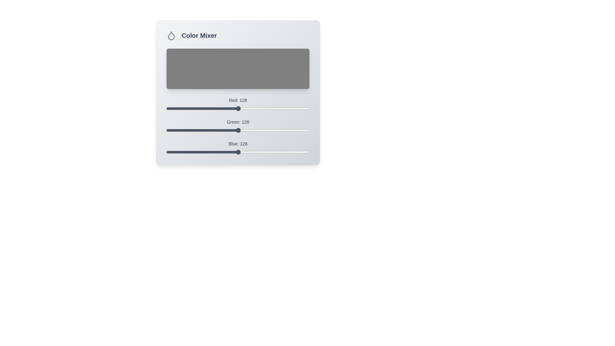 The width and height of the screenshot is (615, 346). What do you see at coordinates (255, 152) in the screenshot?
I see `the blue slider to set the blue color component to 158` at bounding box center [255, 152].